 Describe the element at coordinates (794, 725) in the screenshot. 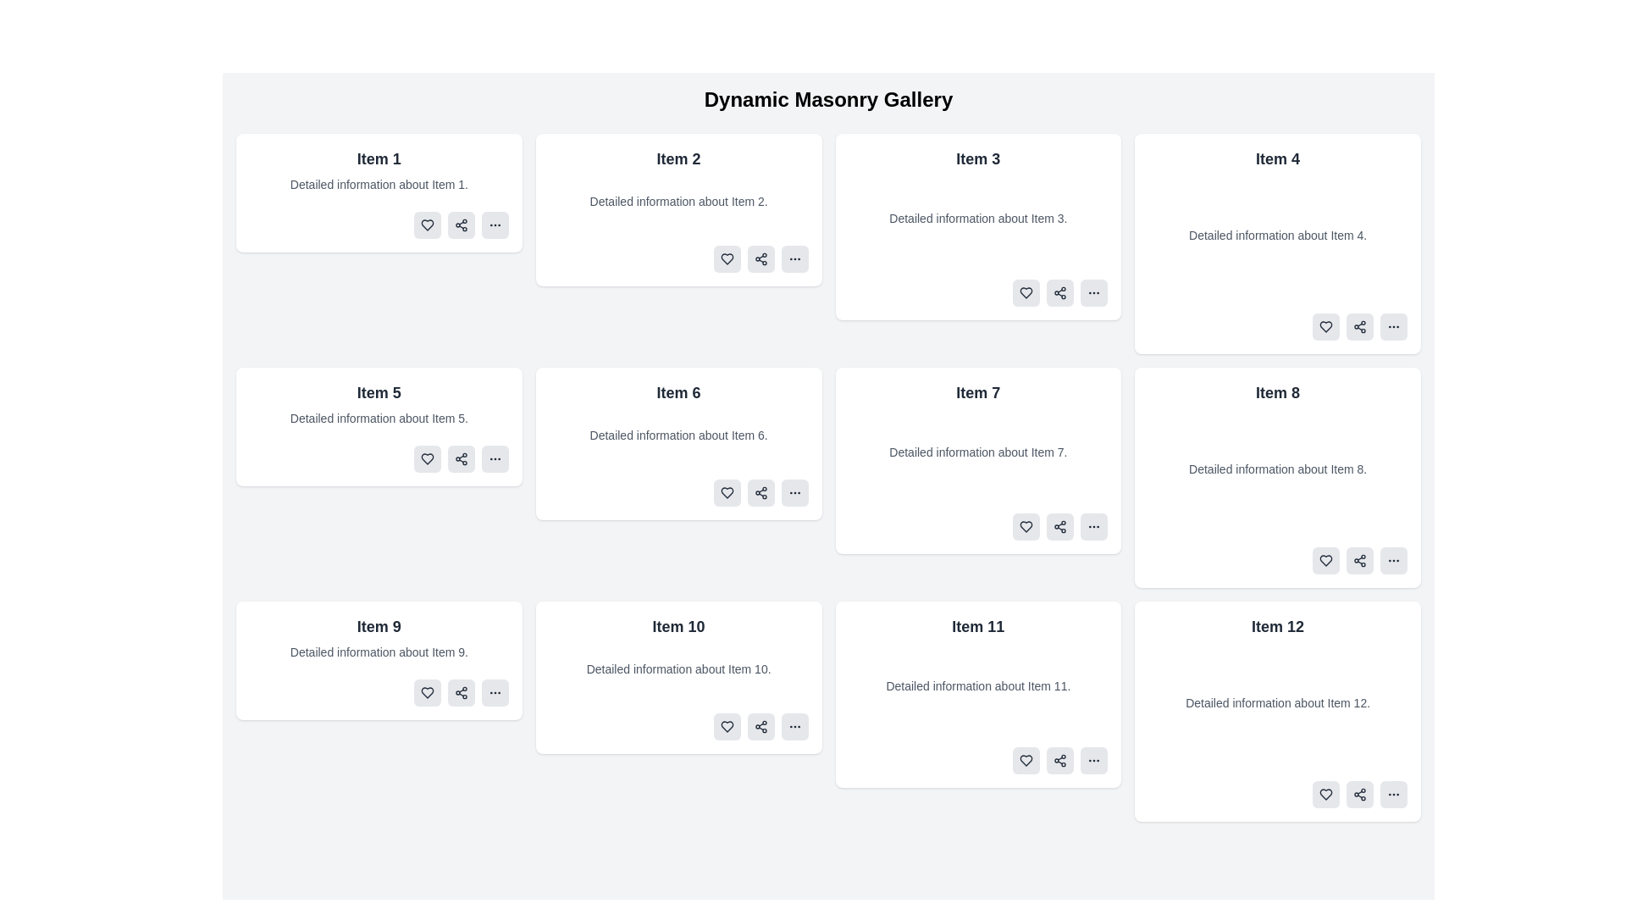

I see `the button` at that location.